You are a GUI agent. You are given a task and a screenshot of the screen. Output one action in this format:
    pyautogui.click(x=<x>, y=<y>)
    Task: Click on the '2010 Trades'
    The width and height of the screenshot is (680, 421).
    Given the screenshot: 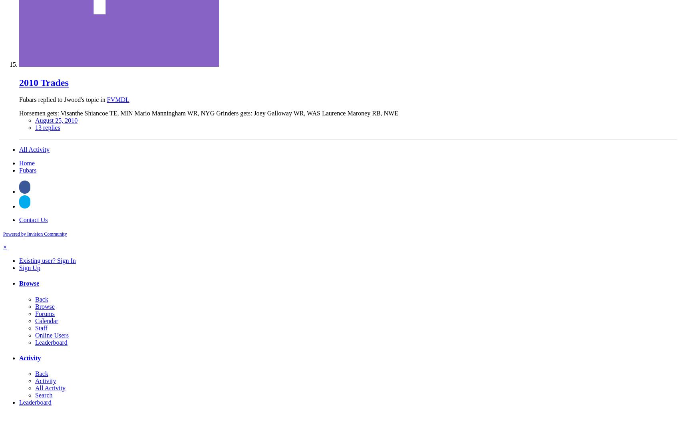 What is the action you would take?
    pyautogui.click(x=44, y=82)
    